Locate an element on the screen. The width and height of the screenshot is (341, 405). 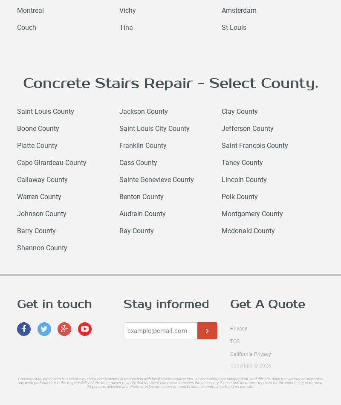
'Sainte Genevieve County' is located at coordinates (156, 179).